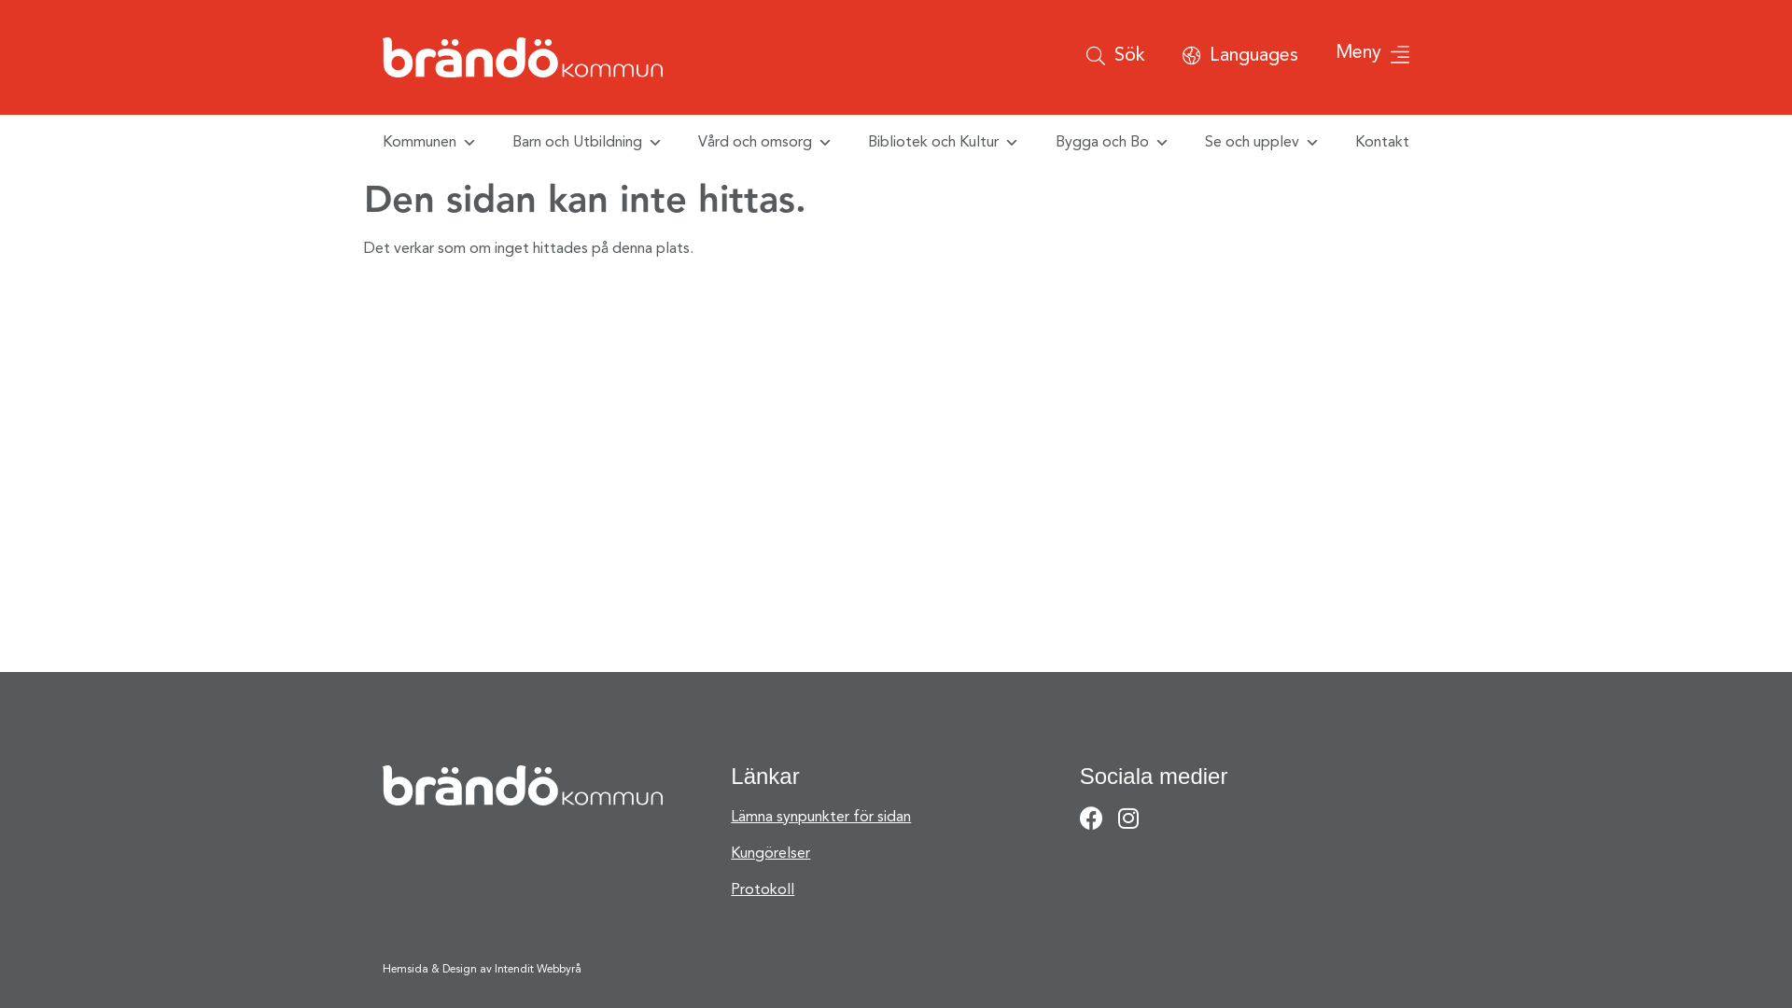 Image resolution: width=1792 pixels, height=1008 pixels. What do you see at coordinates (1372, 56) in the screenshot?
I see `'Meny'` at bounding box center [1372, 56].